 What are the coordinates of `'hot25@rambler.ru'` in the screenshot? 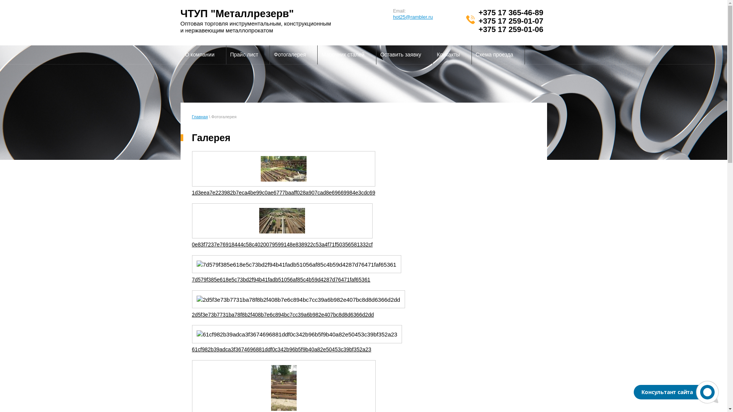 It's located at (412, 16).